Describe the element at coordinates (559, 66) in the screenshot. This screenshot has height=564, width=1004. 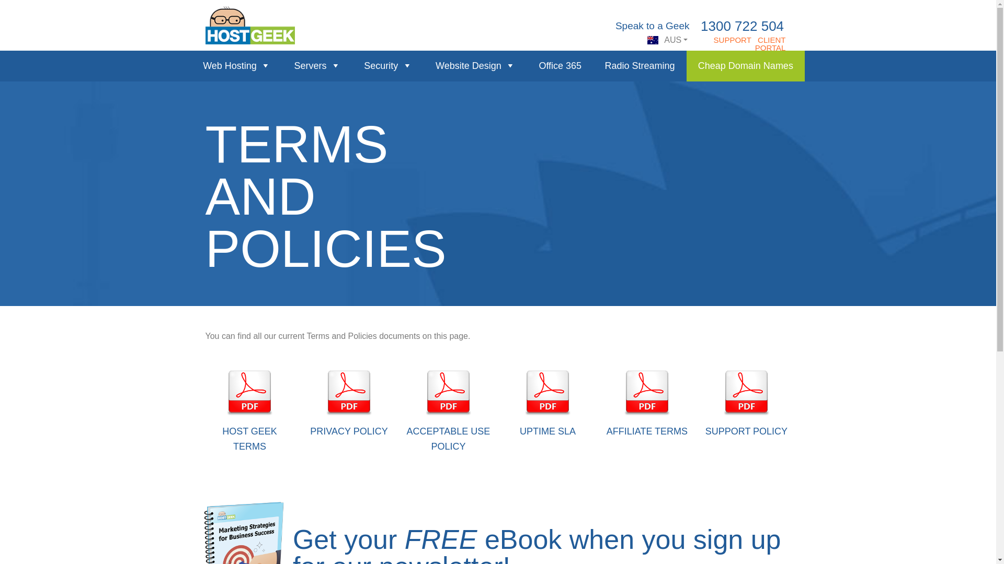
I see `'Office 365'` at that location.